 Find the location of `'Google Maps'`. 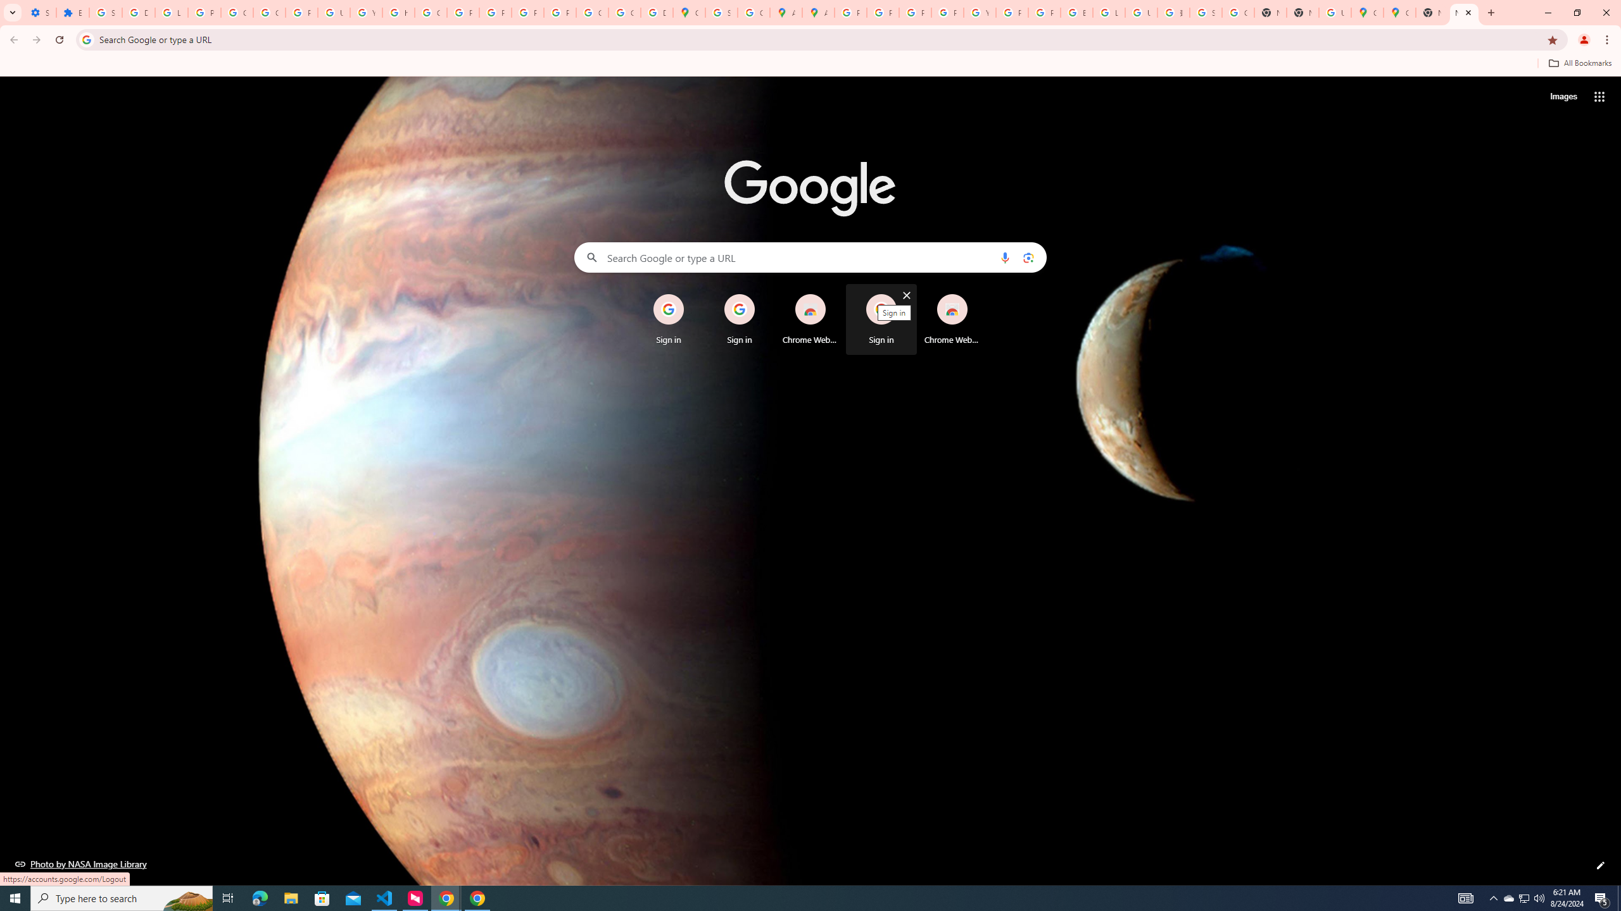

'Google Maps' is located at coordinates (1399, 12).